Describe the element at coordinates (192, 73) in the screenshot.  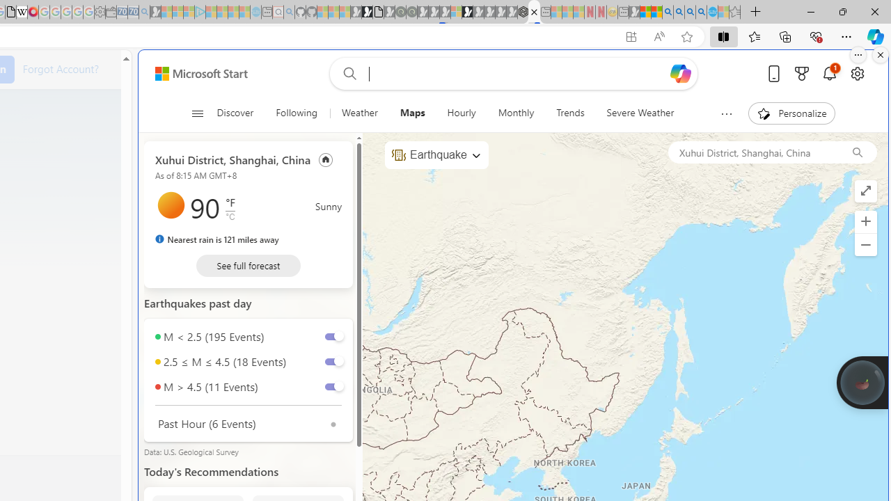
I see `'Skip to footer'` at that location.